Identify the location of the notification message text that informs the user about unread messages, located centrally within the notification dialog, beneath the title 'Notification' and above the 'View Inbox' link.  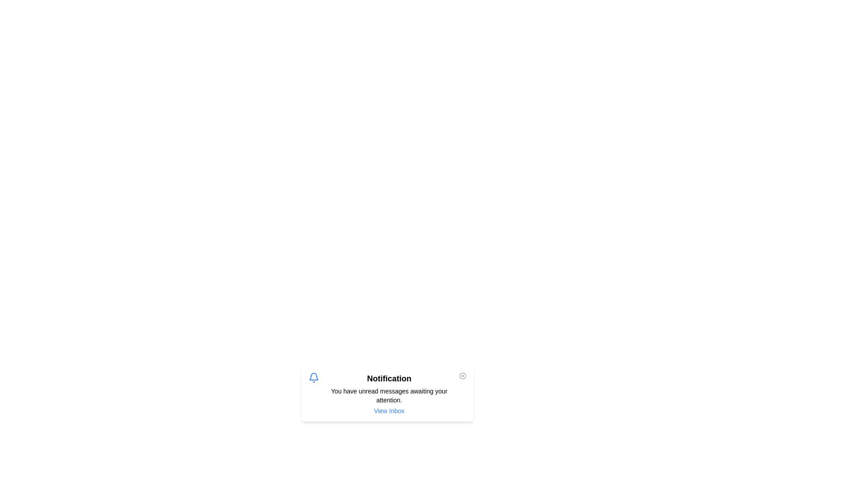
(389, 395).